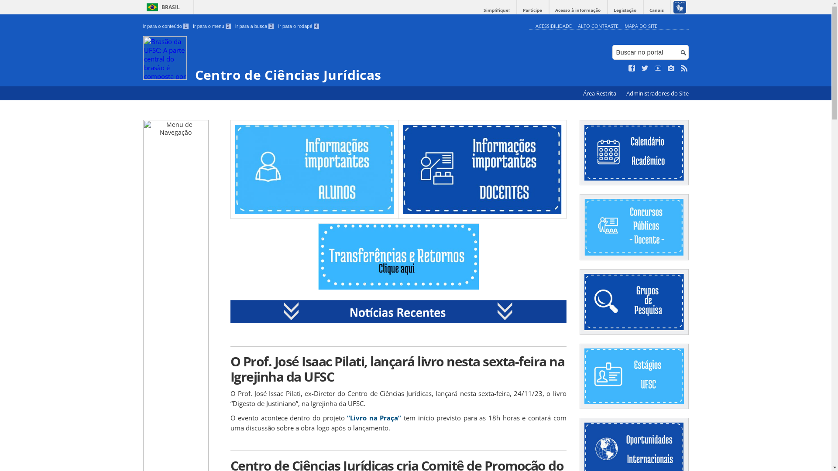 This screenshot has height=471, width=838. I want to click on 'ACESSIBILIDADE', so click(553, 25).